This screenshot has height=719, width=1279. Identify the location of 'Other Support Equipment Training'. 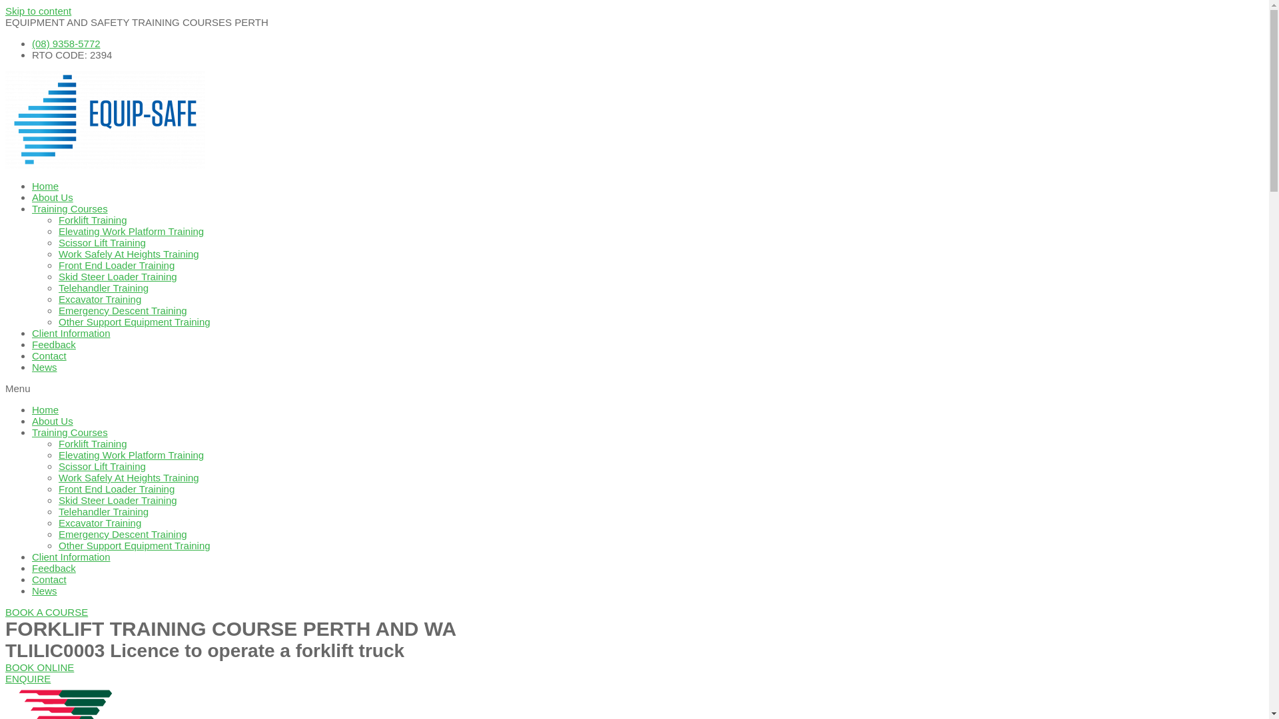
(134, 322).